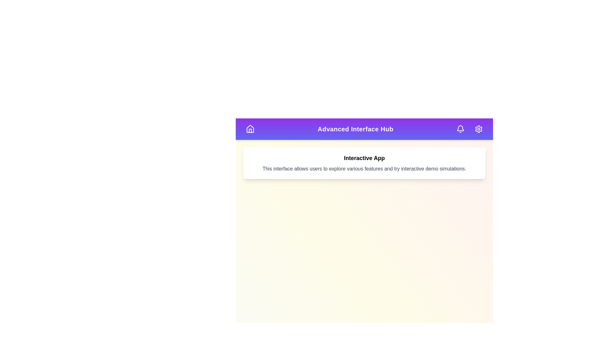  What do you see at coordinates (460, 129) in the screenshot?
I see `the notifications button to view alerts` at bounding box center [460, 129].